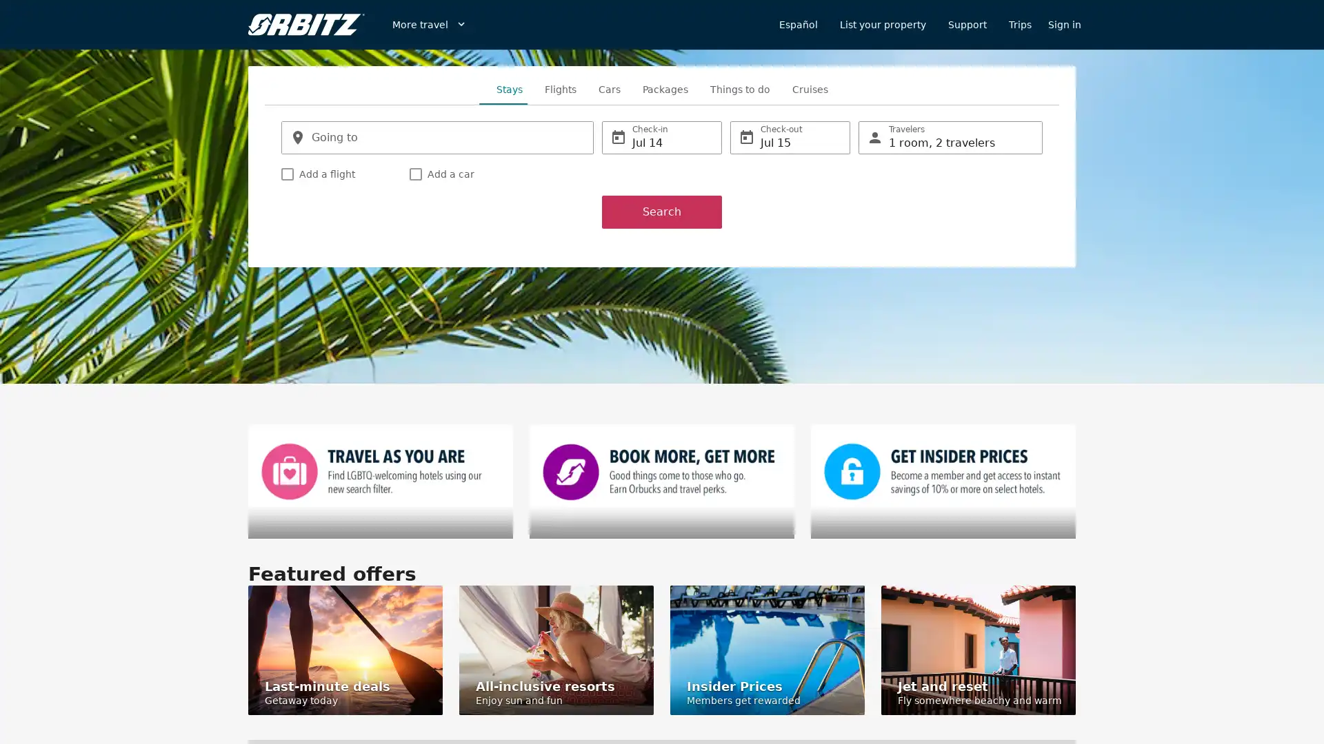 Image resolution: width=1324 pixels, height=744 pixels. Describe the element at coordinates (798, 24) in the screenshot. I see `Espanol` at that location.